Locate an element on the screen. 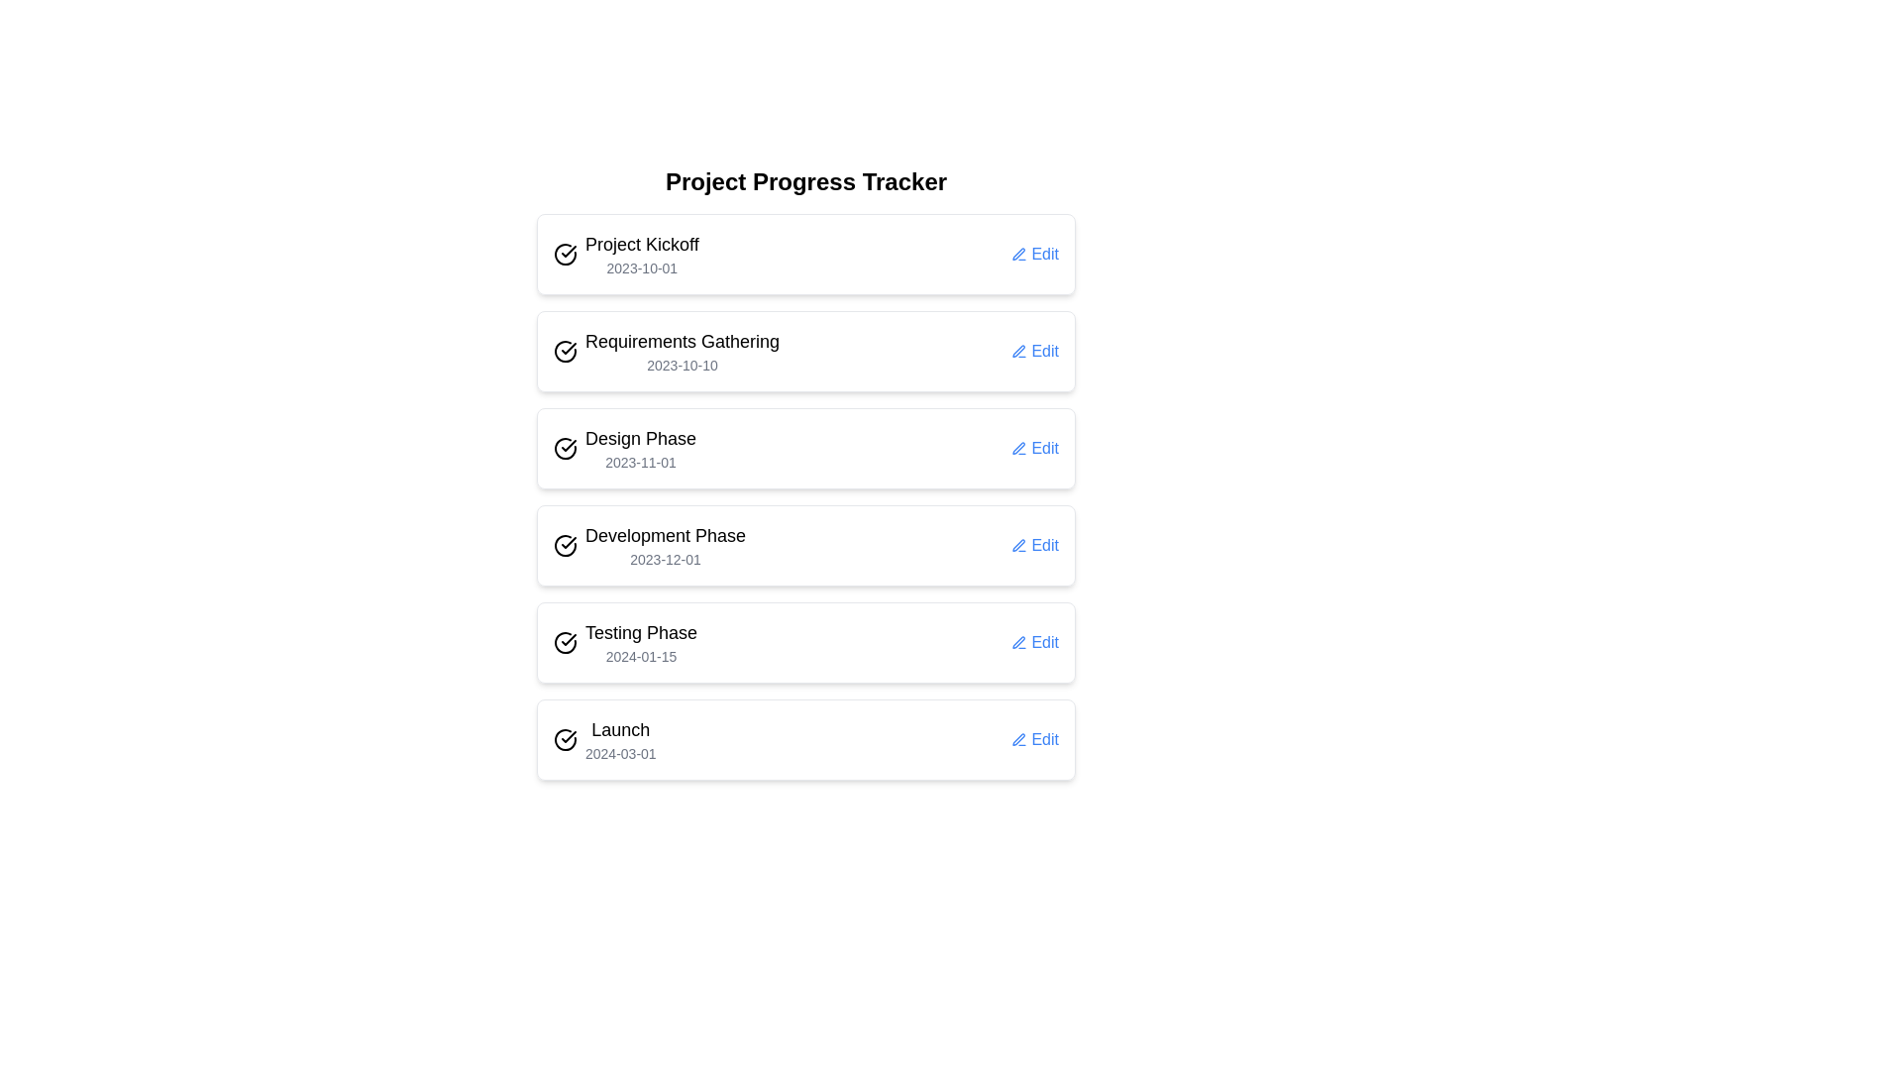 The height and width of the screenshot is (1070, 1902). the title text with associated icon that indicates the project phase and its completion status, located at the top of the project progress tracker is located at coordinates (625, 254).